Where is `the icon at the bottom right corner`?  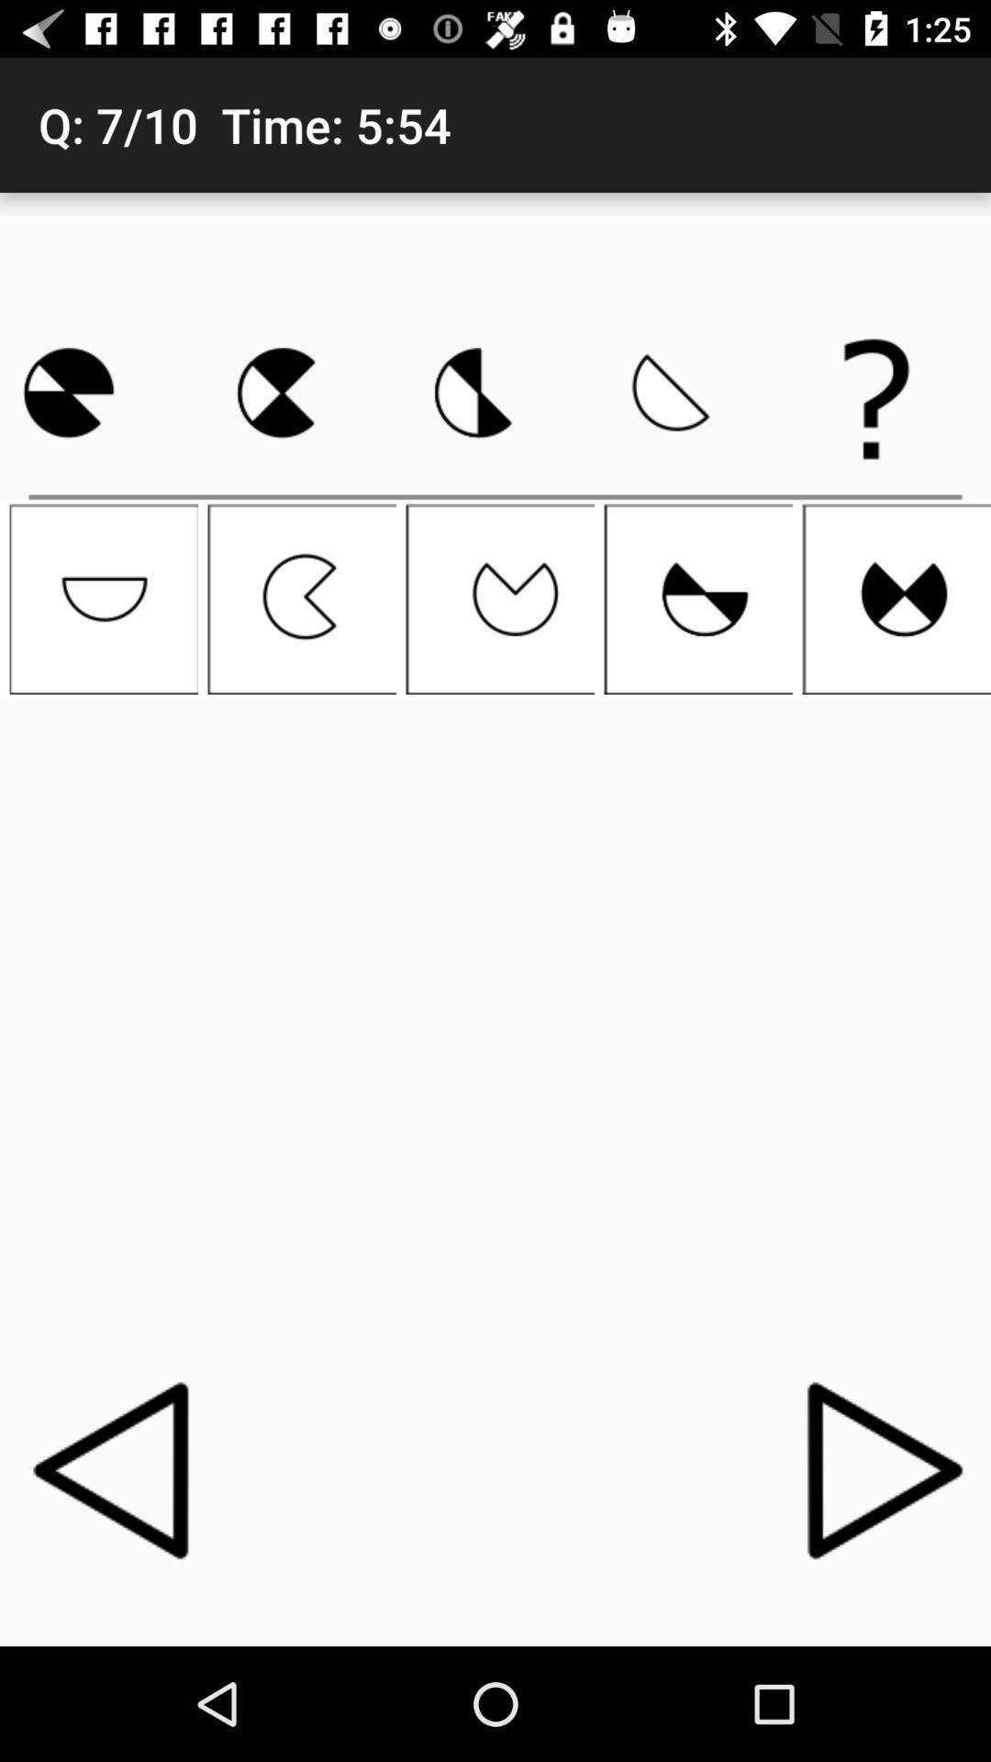
the icon at the bottom right corner is located at coordinates (874, 1469).